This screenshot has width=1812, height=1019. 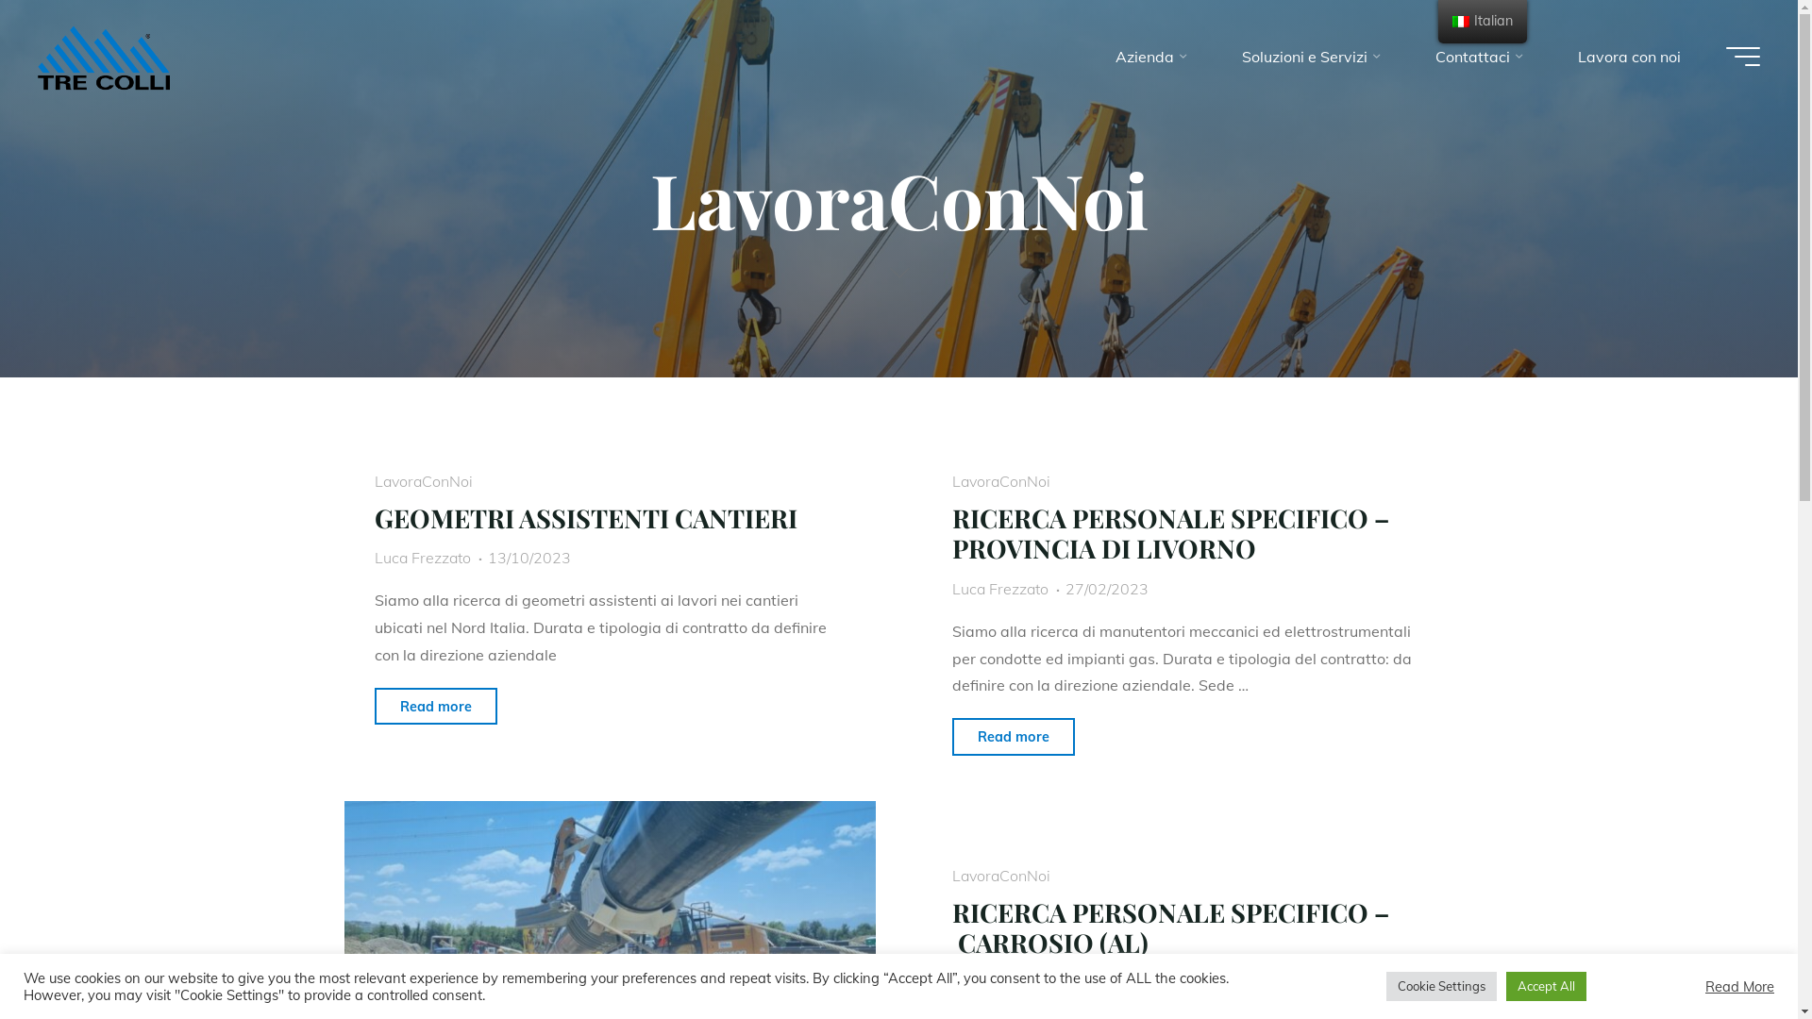 I want to click on 'Luca Frezzato', so click(x=999, y=588).